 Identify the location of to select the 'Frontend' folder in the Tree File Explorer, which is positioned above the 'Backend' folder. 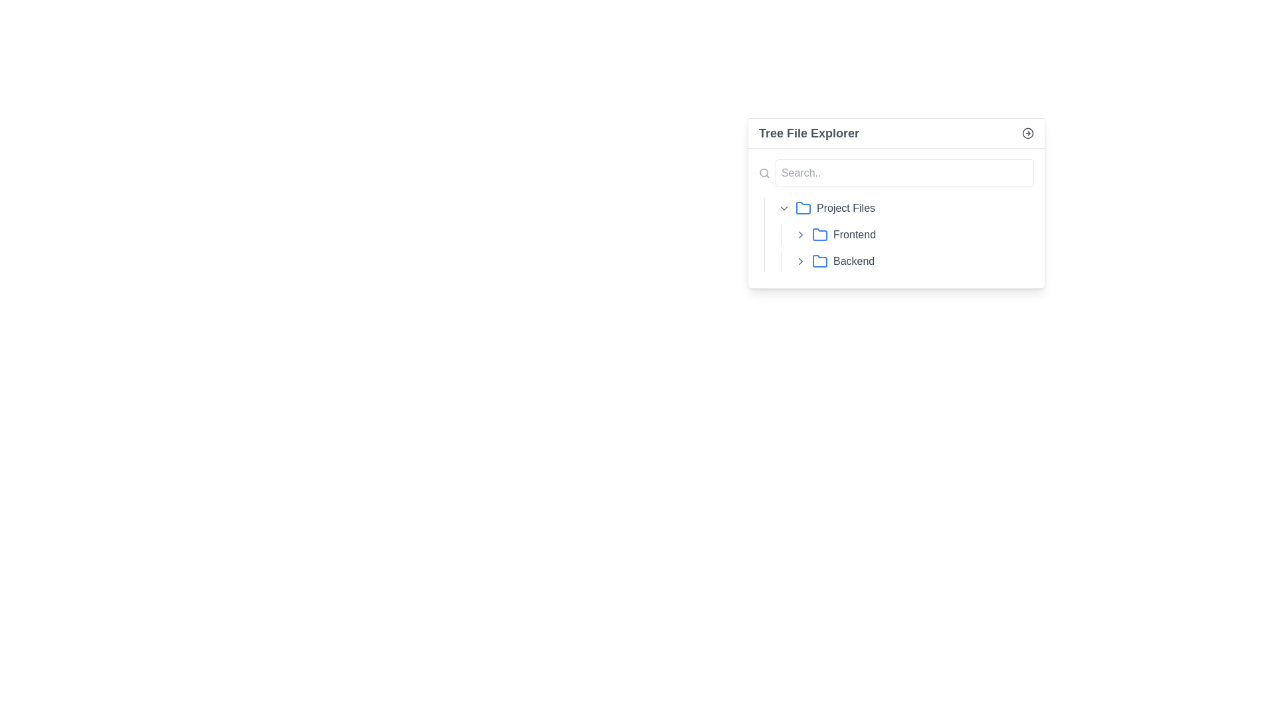
(912, 234).